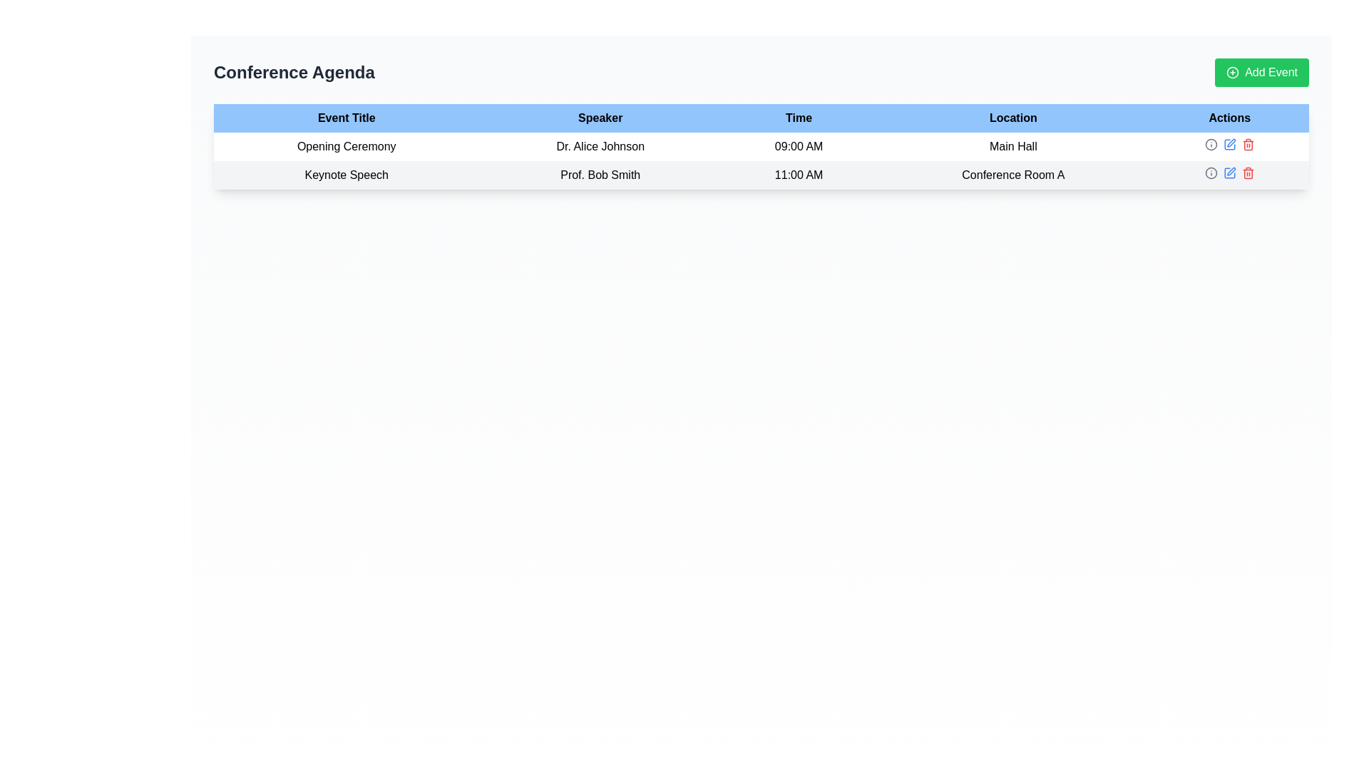 The width and height of the screenshot is (1369, 770). Describe the element at coordinates (1231, 170) in the screenshot. I see `the icon button located in the 'Actions' column of the second row for the 'Keynote Speech' event` at that location.